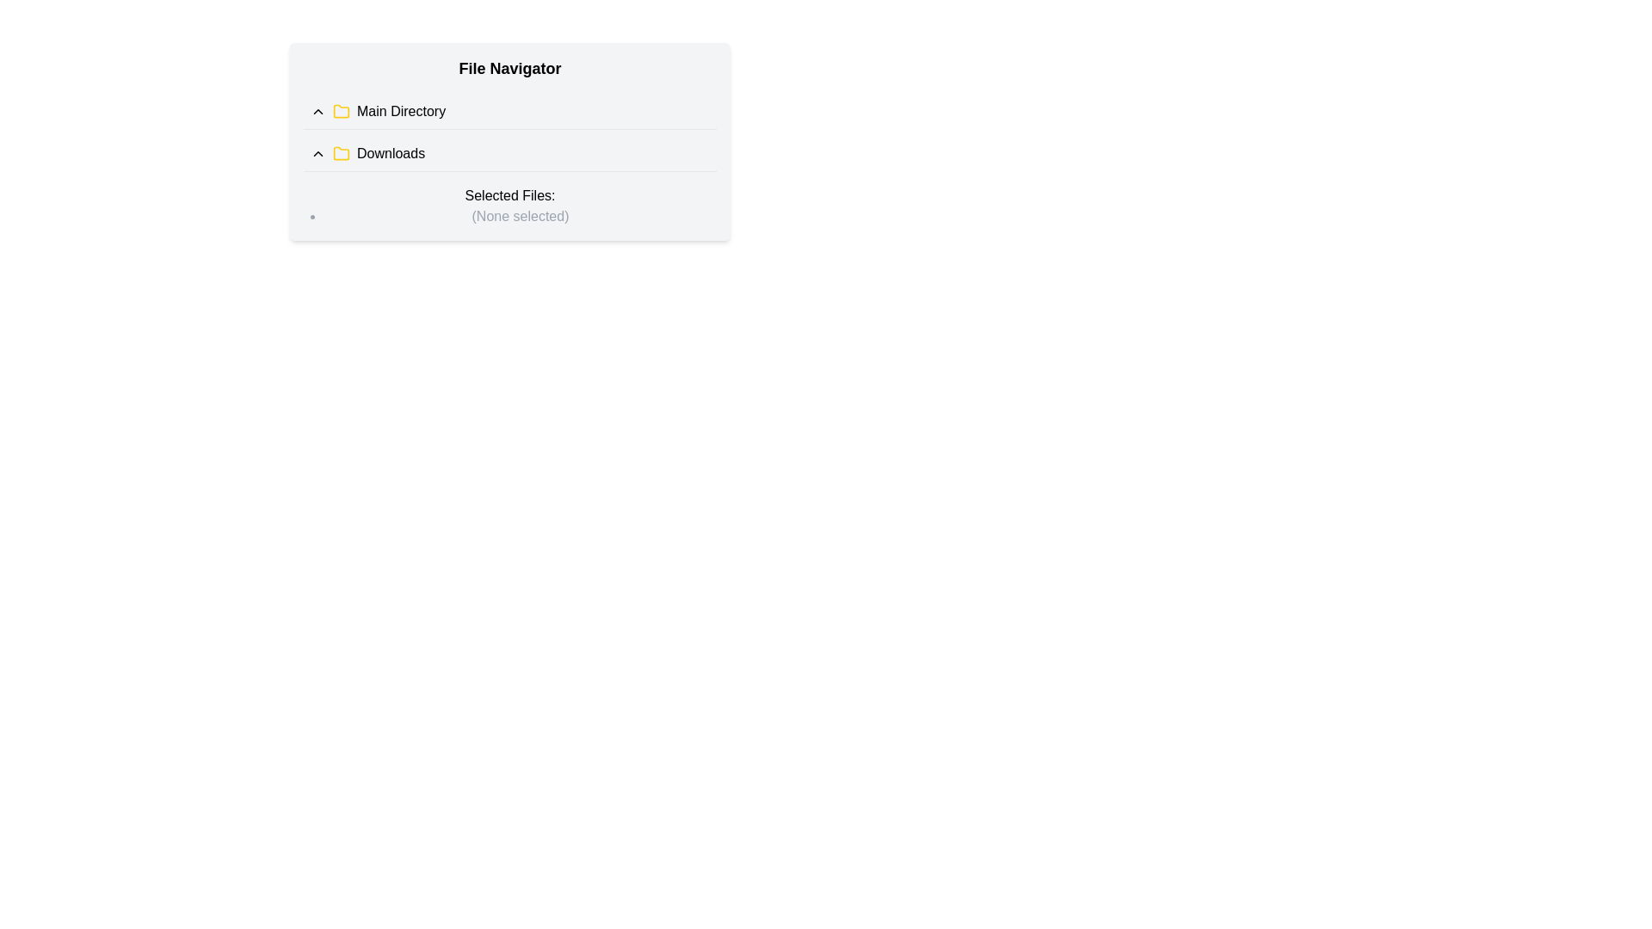 The width and height of the screenshot is (1652, 929). What do you see at coordinates (342, 151) in the screenshot?
I see `the 'Downloads' folder icon located to the left of the 'Downloads' text in the File Navigator interface, which is the second folder icon below the 'Main Directory' icon` at bounding box center [342, 151].